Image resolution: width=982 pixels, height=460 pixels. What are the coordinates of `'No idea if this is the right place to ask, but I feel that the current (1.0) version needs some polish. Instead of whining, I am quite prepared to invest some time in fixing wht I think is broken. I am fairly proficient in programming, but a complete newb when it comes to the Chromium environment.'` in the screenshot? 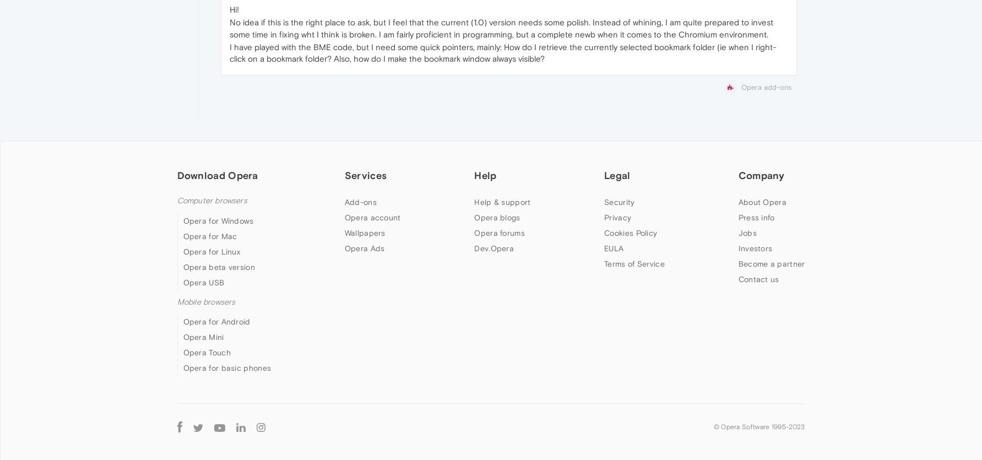 It's located at (500, 28).